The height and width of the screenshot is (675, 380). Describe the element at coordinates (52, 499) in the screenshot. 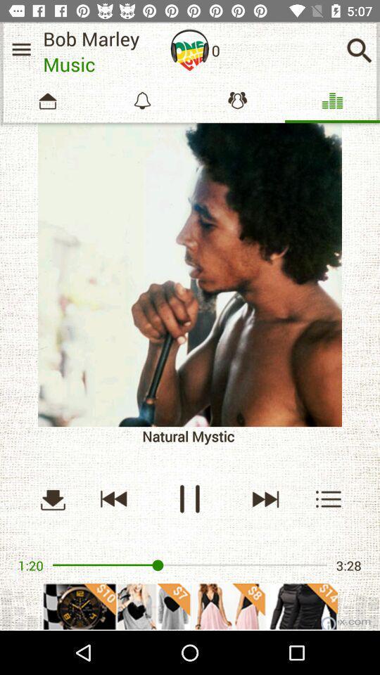

I see `download song` at that location.